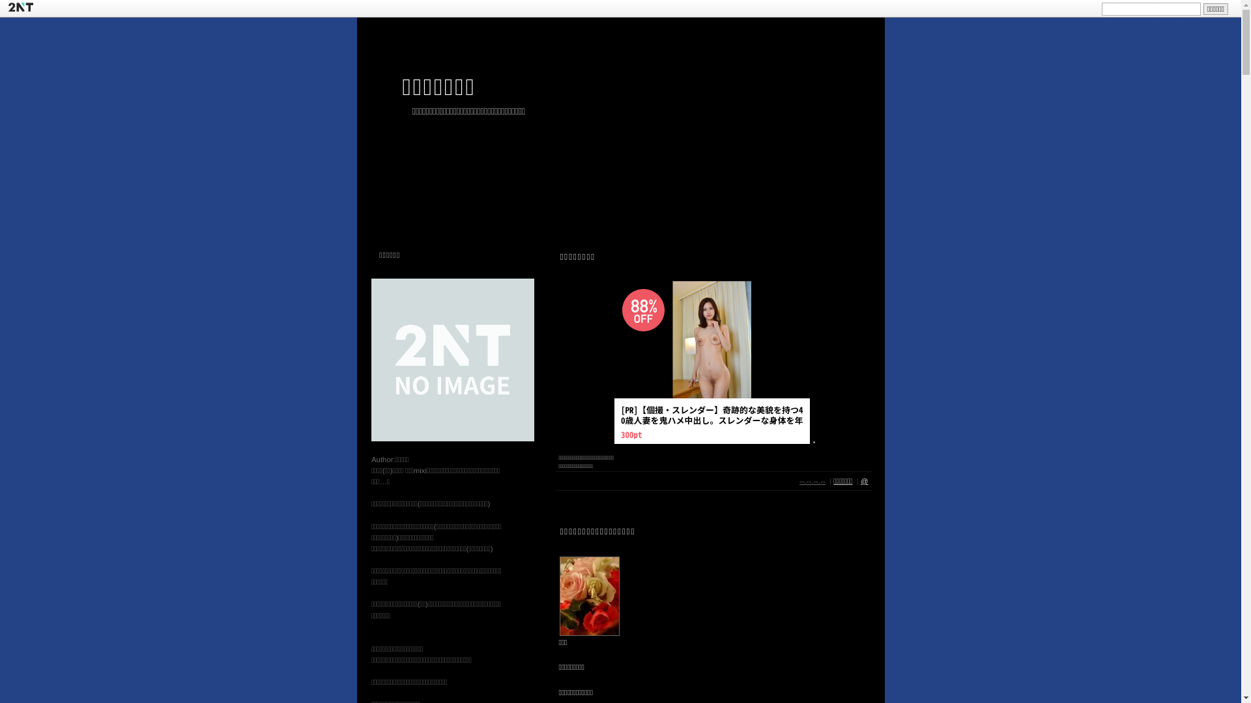 The width and height of the screenshot is (1251, 703). What do you see at coordinates (860, 481) in the screenshot?
I see `'@'` at bounding box center [860, 481].